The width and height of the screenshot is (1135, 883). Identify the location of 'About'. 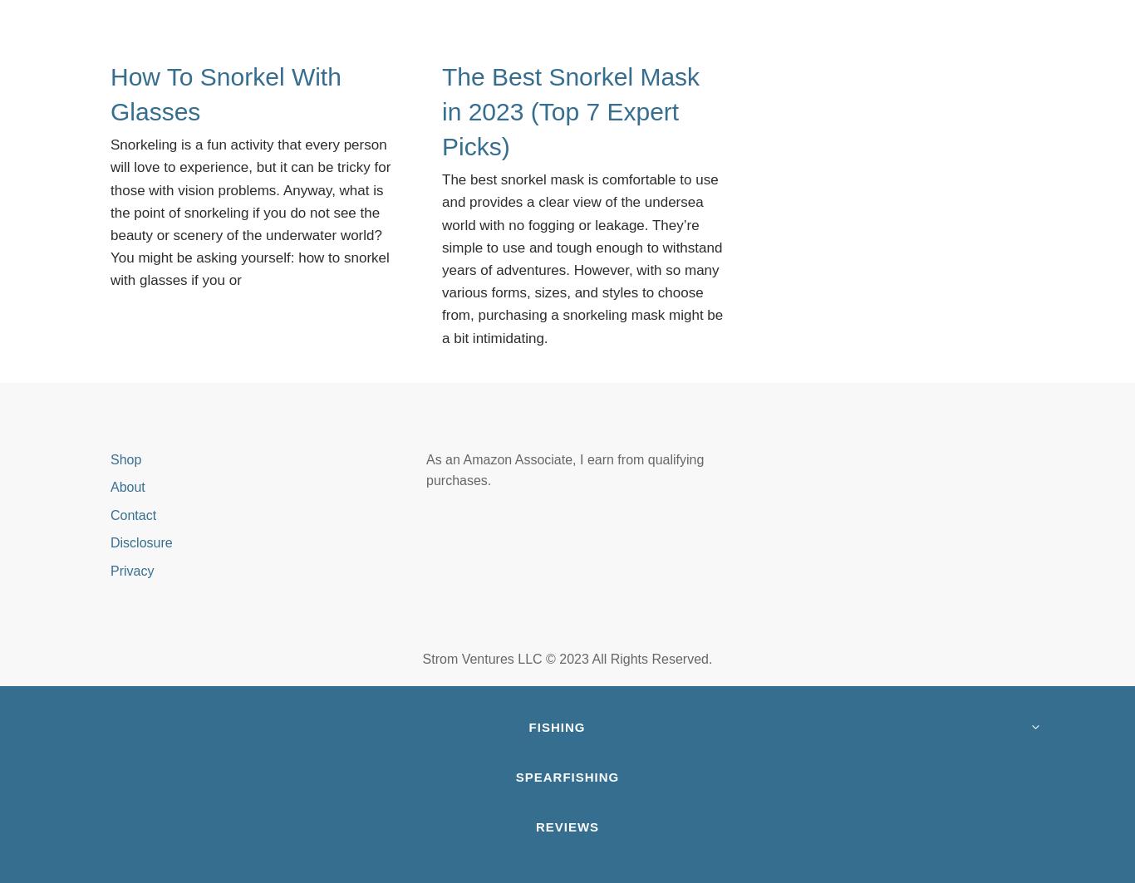
(126, 486).